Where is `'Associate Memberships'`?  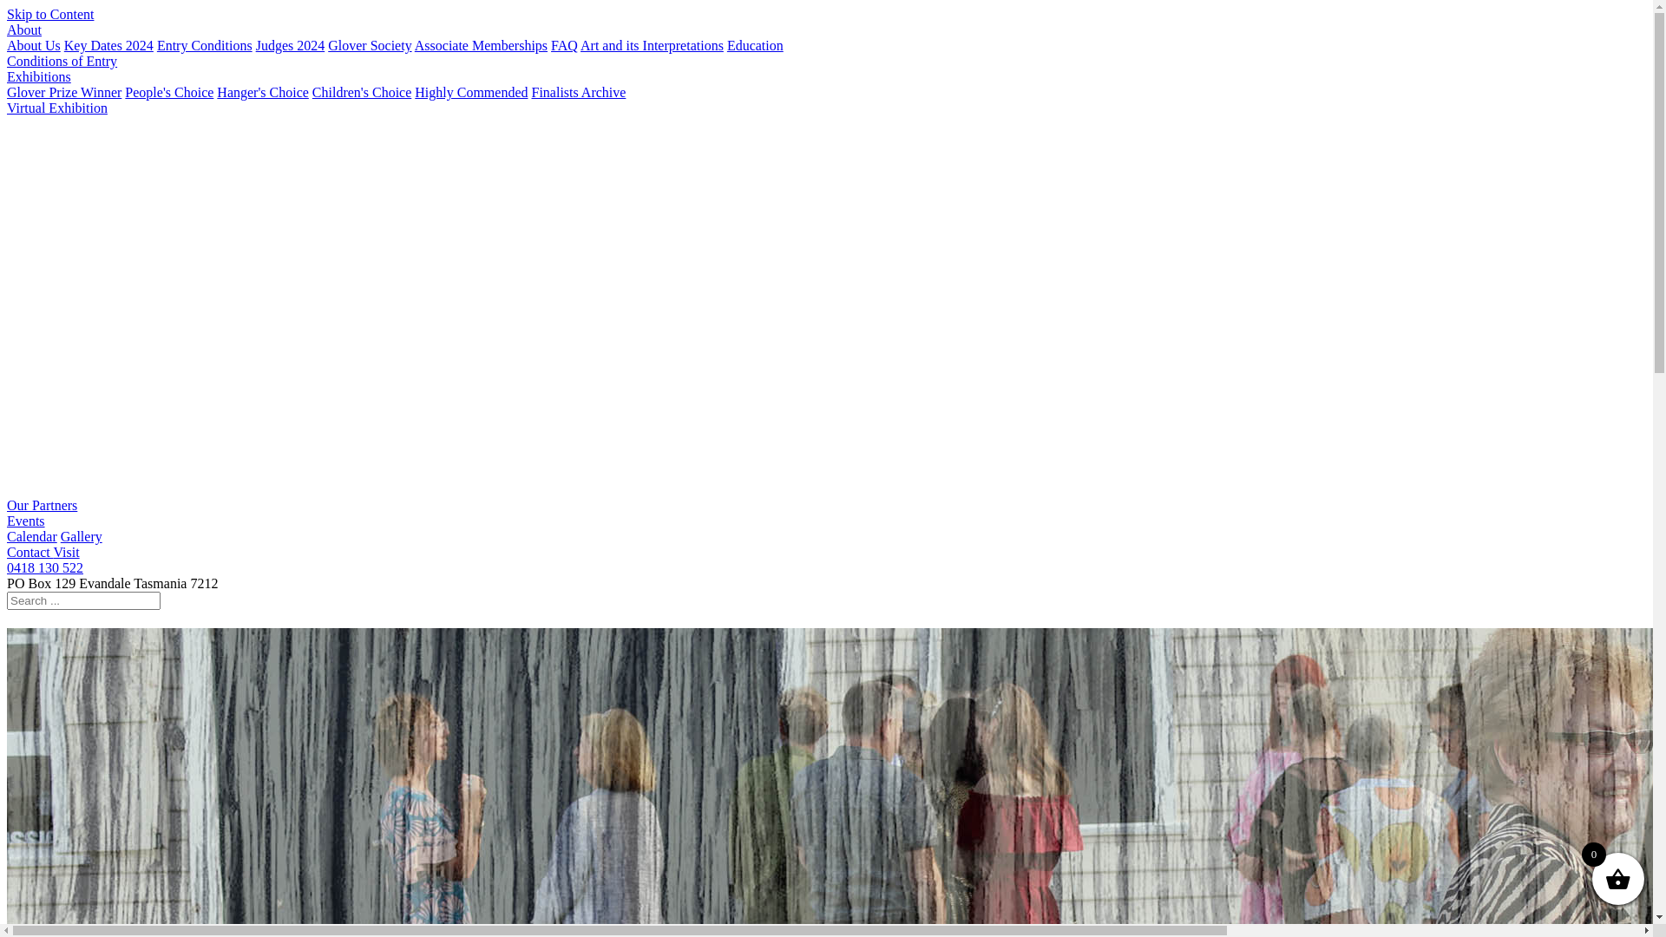
'Associate Memberships' is located at coordinates (481, 44).